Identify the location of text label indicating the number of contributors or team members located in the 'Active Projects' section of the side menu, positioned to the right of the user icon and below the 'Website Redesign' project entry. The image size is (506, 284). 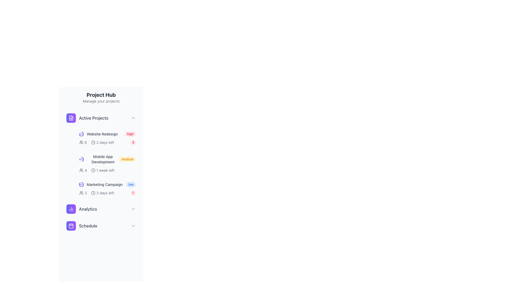
(86, 143).